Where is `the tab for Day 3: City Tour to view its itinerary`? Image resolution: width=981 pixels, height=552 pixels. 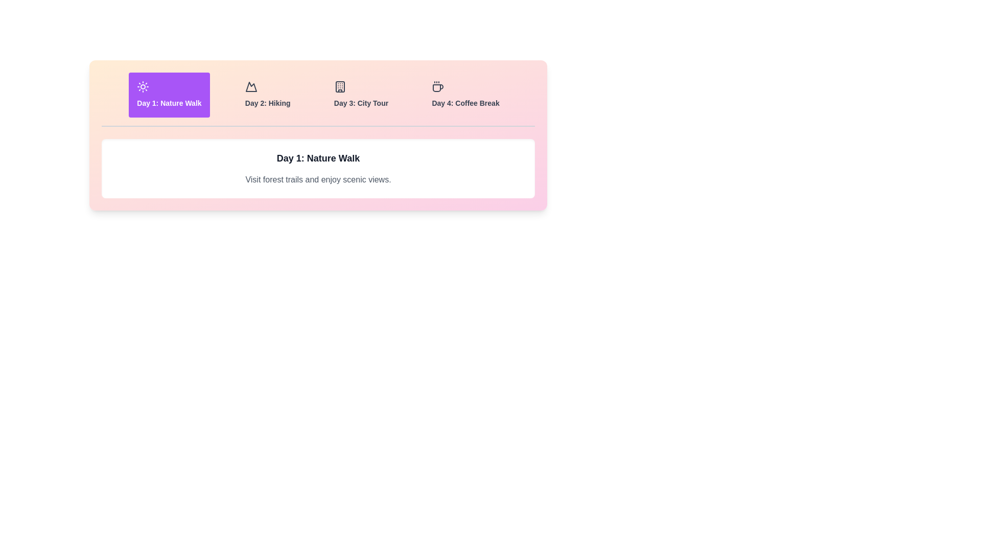 the tab for Day 3: City Tour to view its itinerary is located at coordinates (361, 95).